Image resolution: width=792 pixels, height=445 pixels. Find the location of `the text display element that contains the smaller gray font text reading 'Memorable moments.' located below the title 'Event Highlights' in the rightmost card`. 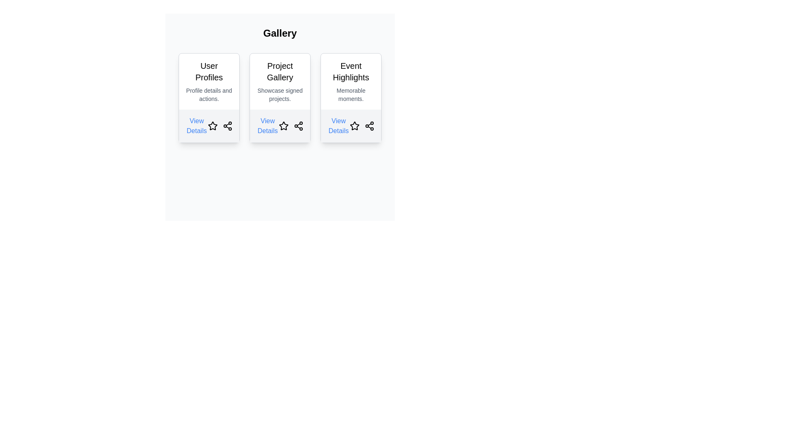

the text display element that contains the smaller gray font text reading 'Memorable moments.' located below the title 'Event Highlights' in the rightmost card is located at coordinates (351, 94).